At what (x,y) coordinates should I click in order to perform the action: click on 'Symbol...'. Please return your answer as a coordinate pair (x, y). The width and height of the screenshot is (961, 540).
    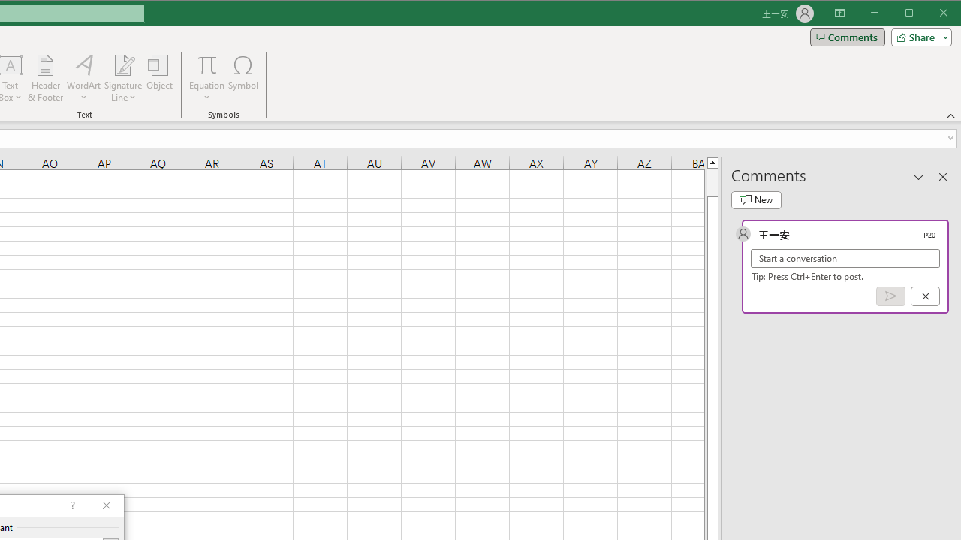
    Looking at the image, I should click on (243, 78).